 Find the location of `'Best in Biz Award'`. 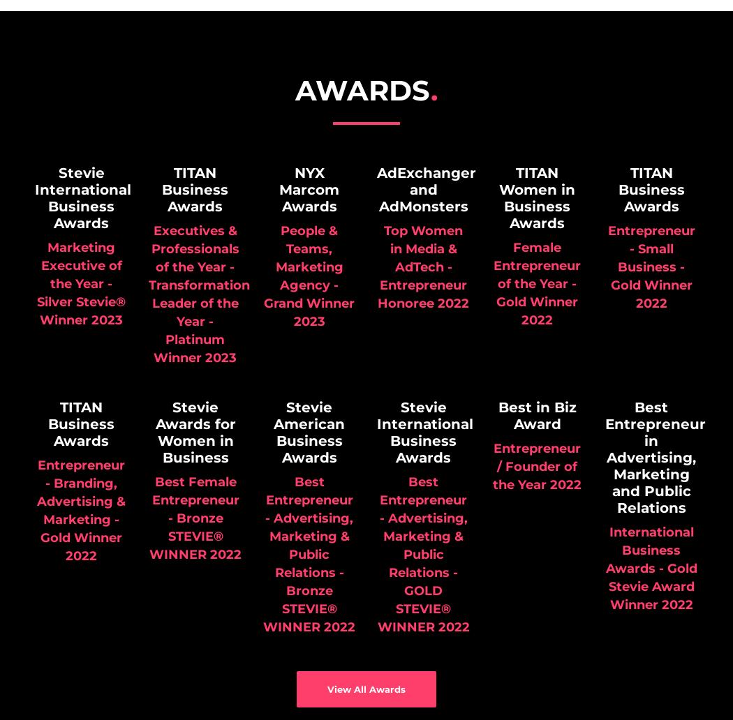

'Best in Biz Award' is located at coordinates (497, 415).